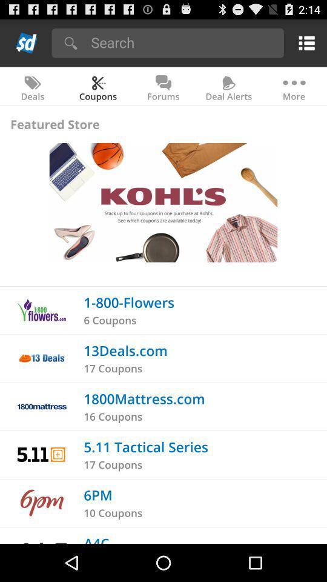  What do you see at coordinates (97, 495) in the screenshot?
I see `the app above 10 coupons icon` at bounding box center [97, 495].